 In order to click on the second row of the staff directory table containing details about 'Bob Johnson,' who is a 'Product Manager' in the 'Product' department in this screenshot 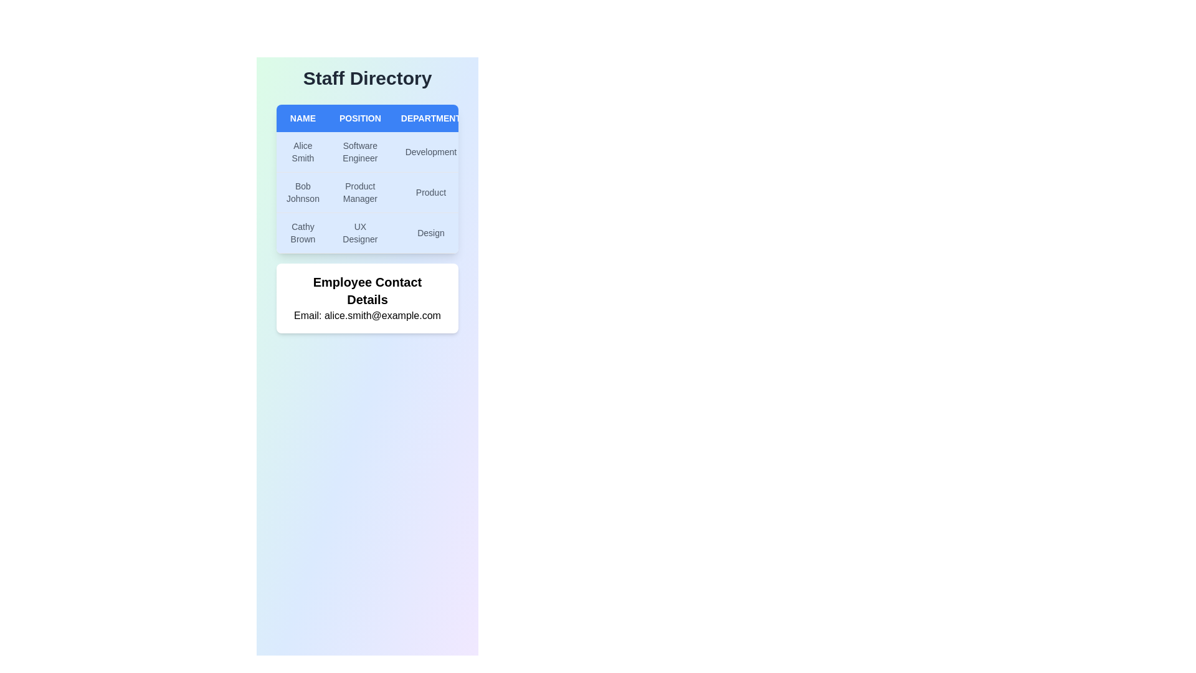, I will do `click(367, 179)`.